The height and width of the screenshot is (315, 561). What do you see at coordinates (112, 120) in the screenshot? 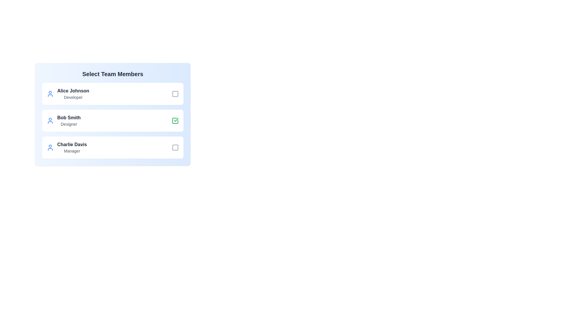
I see `the card of team member Bob Smith` at bounding box center [112, 120].